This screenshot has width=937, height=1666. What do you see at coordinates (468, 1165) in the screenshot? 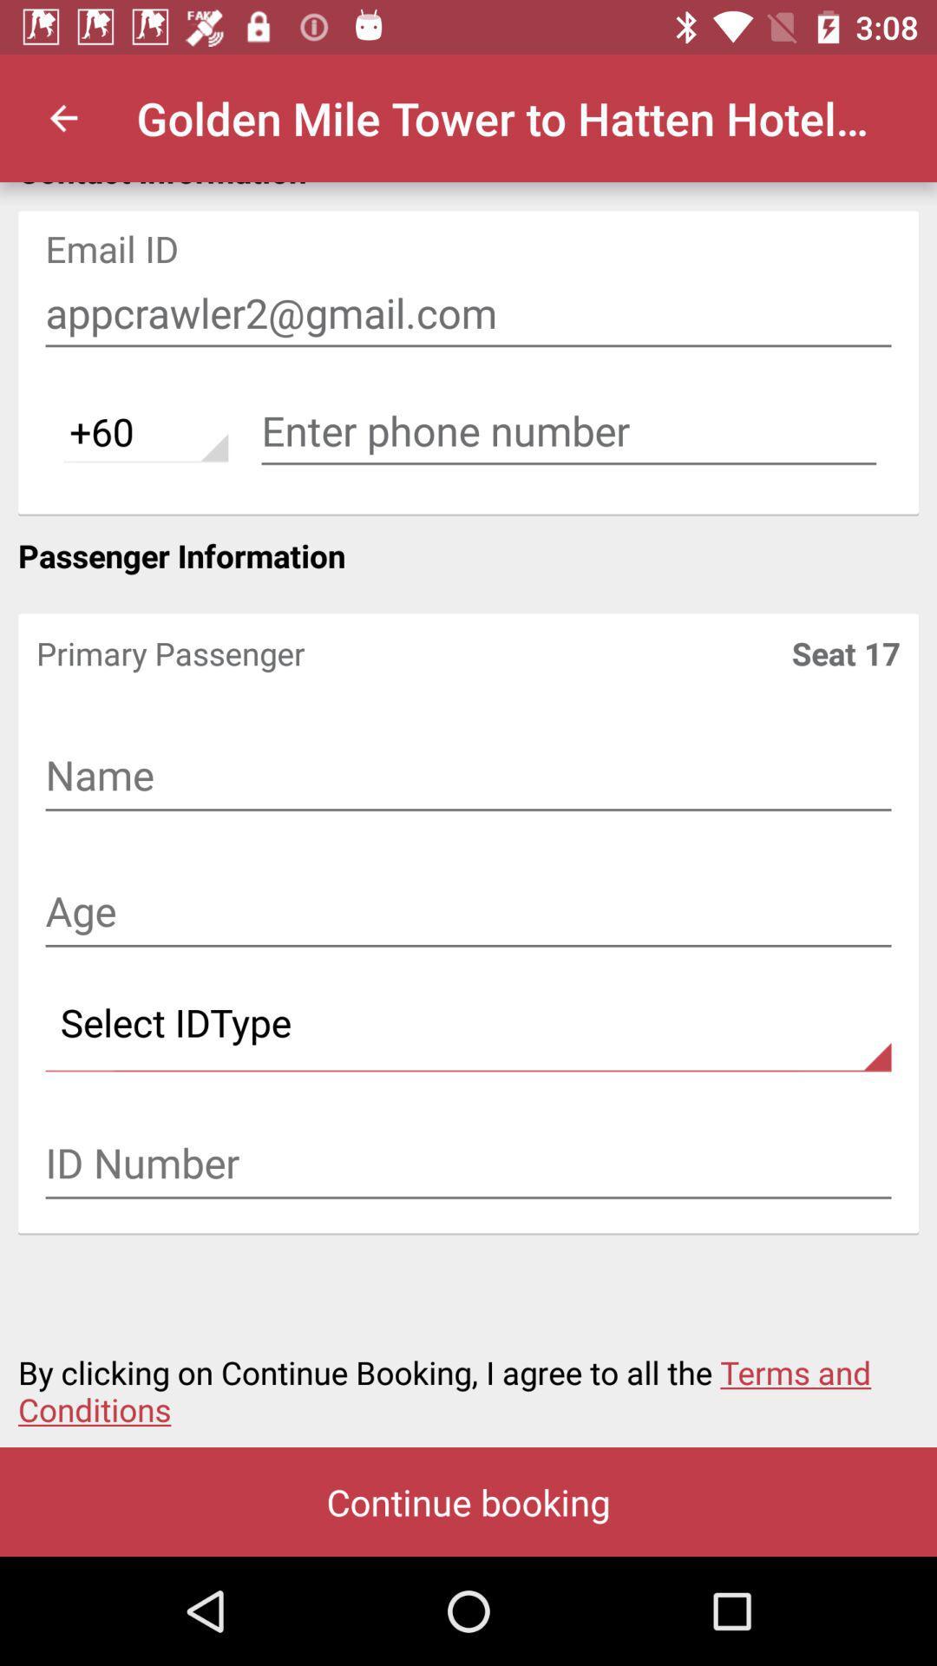
I see `item below select idtype item` at bounding box center [468, 1165].